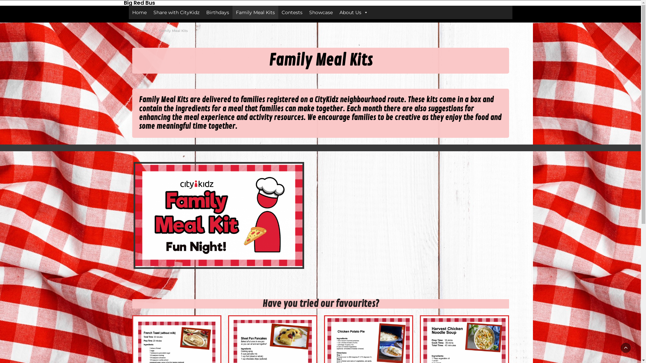  I want to click on 'Birthdays', so click(202, 12).